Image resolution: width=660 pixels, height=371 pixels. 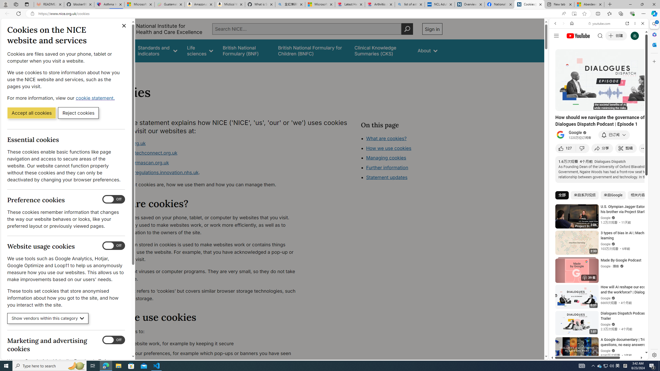 What do you see at coordinates (31, 112) in the screenshot?
I see `'Accept all cookies'` at bounding box center [31, 112].